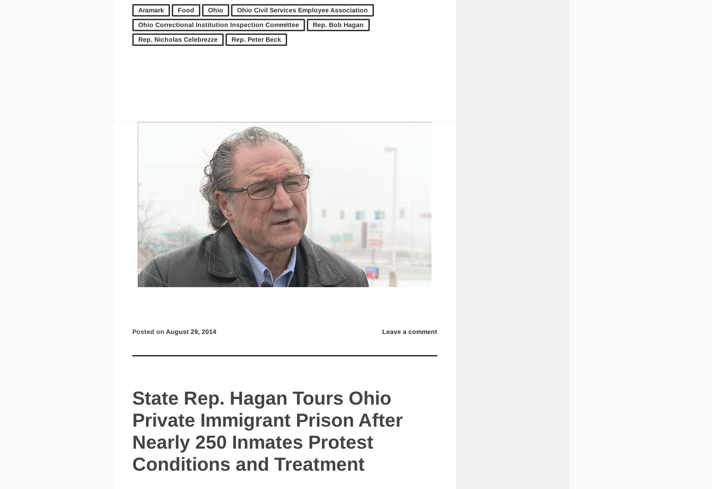 The height and width of the screenshot is (489, 712). I want to click on 'Aramark', so click(138, 9).